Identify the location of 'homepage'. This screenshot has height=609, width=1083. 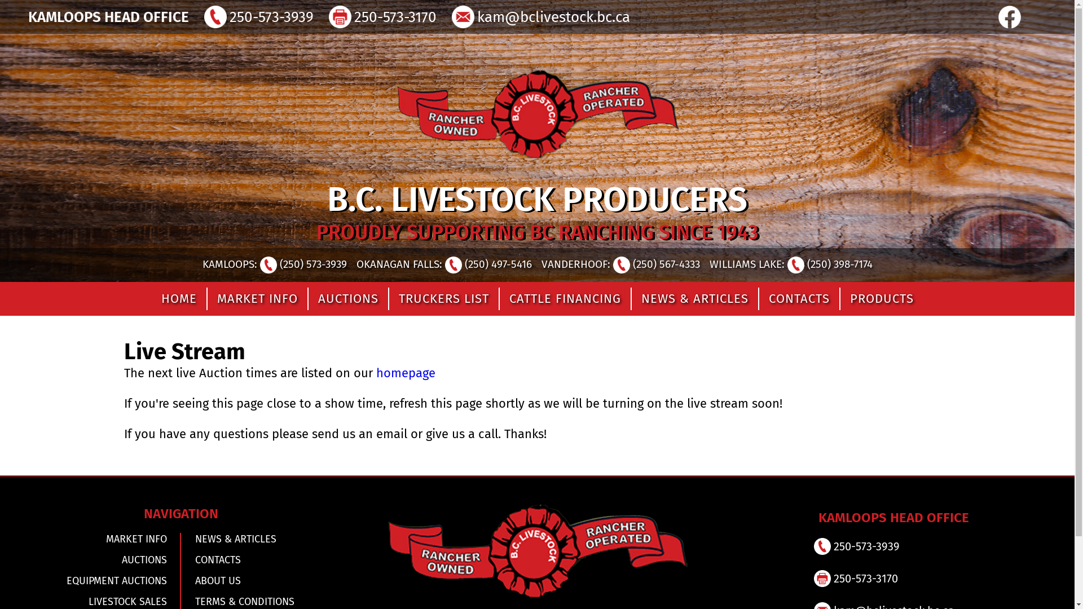
(406, 373).